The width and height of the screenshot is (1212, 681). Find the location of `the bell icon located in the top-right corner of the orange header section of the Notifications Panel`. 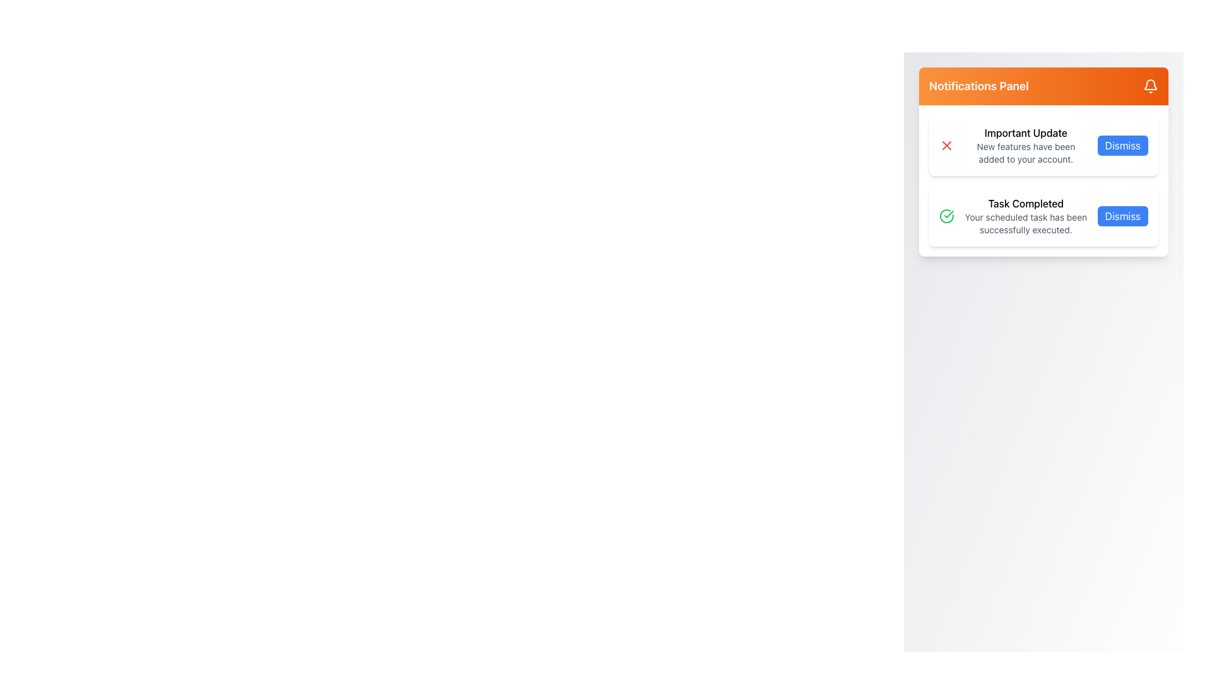

the bell icon located in the top-right corner of the orange header section of the Notifications Panel is located at coordinates (1151, 84).